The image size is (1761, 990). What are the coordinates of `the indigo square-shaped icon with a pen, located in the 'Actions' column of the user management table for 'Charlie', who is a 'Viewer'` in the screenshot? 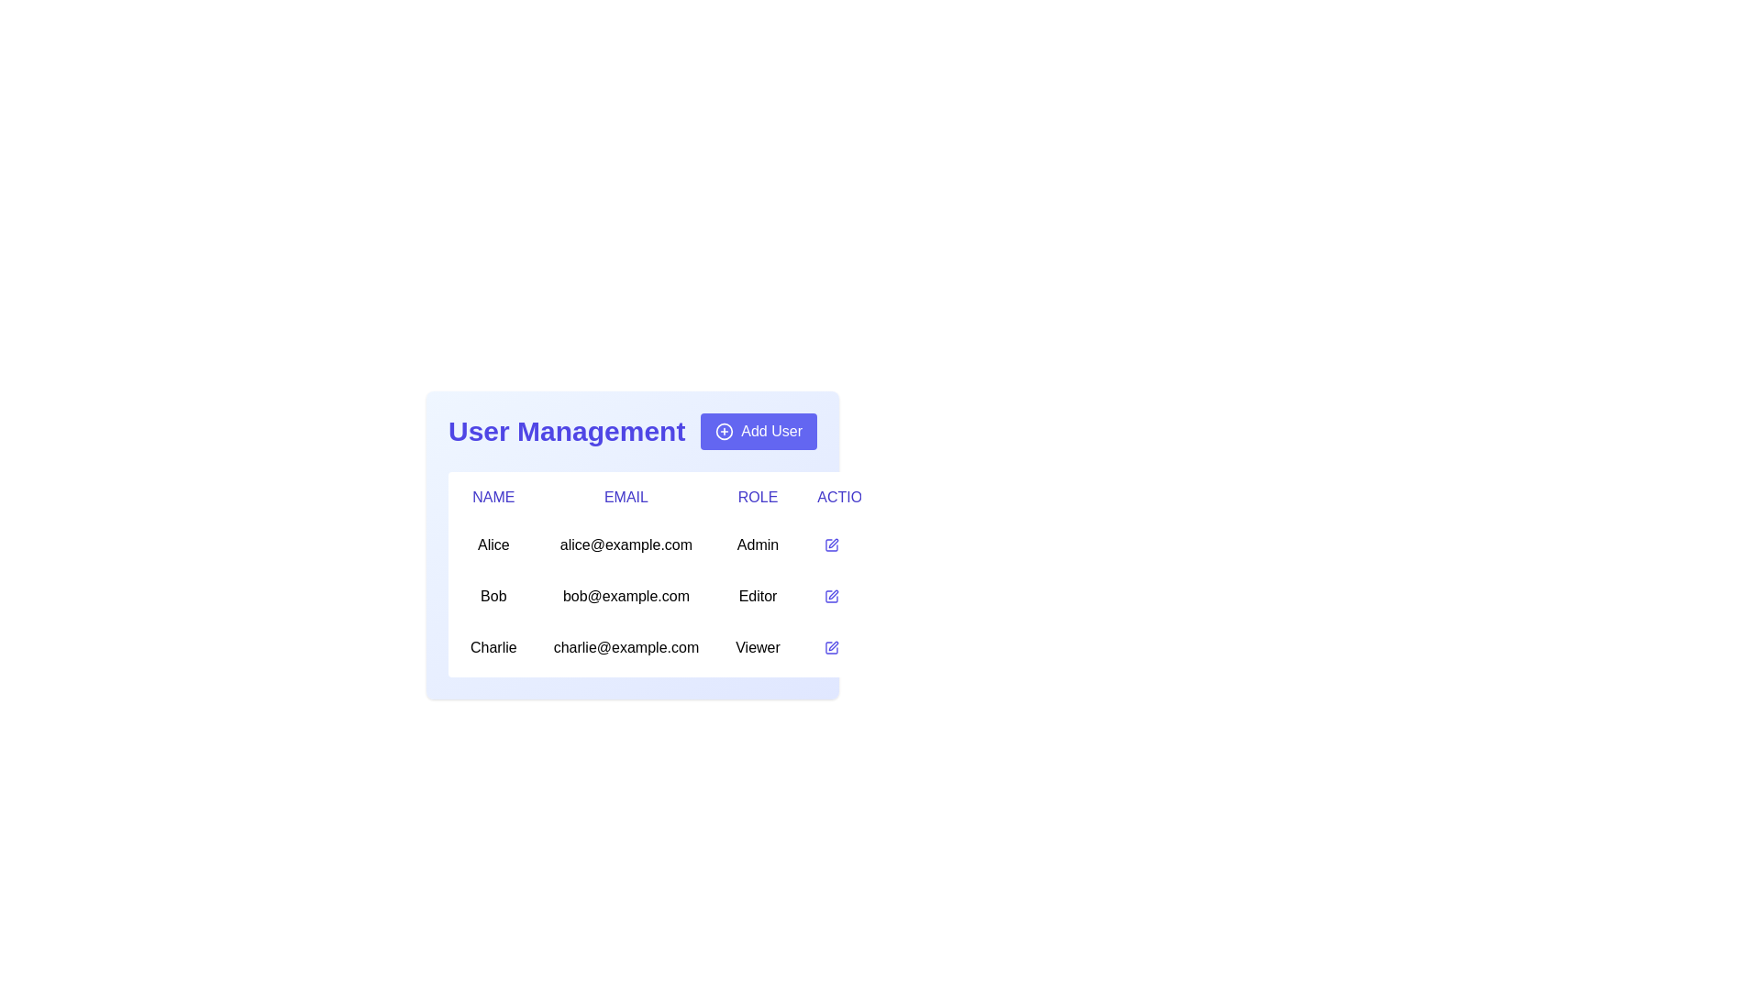 It's located at (830, 646).